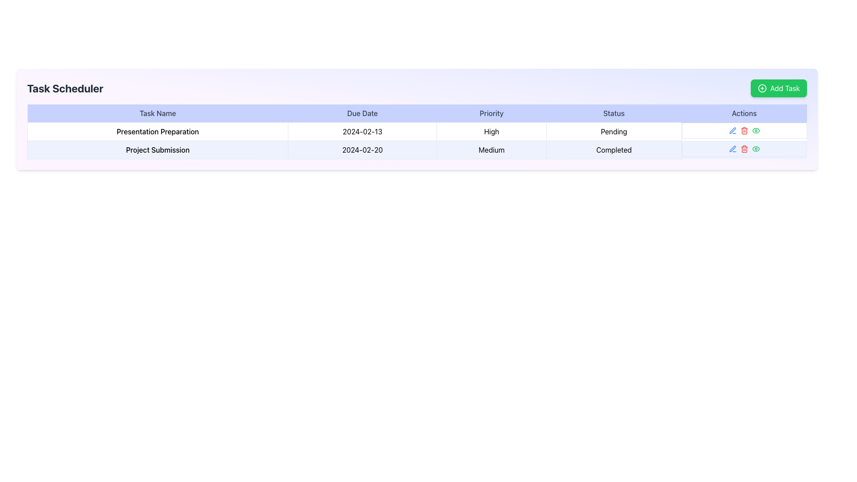  I want to click on the 'Actions' label, which is the rightmost column header in the table header row, styled with center alignment, so click(744, 113).